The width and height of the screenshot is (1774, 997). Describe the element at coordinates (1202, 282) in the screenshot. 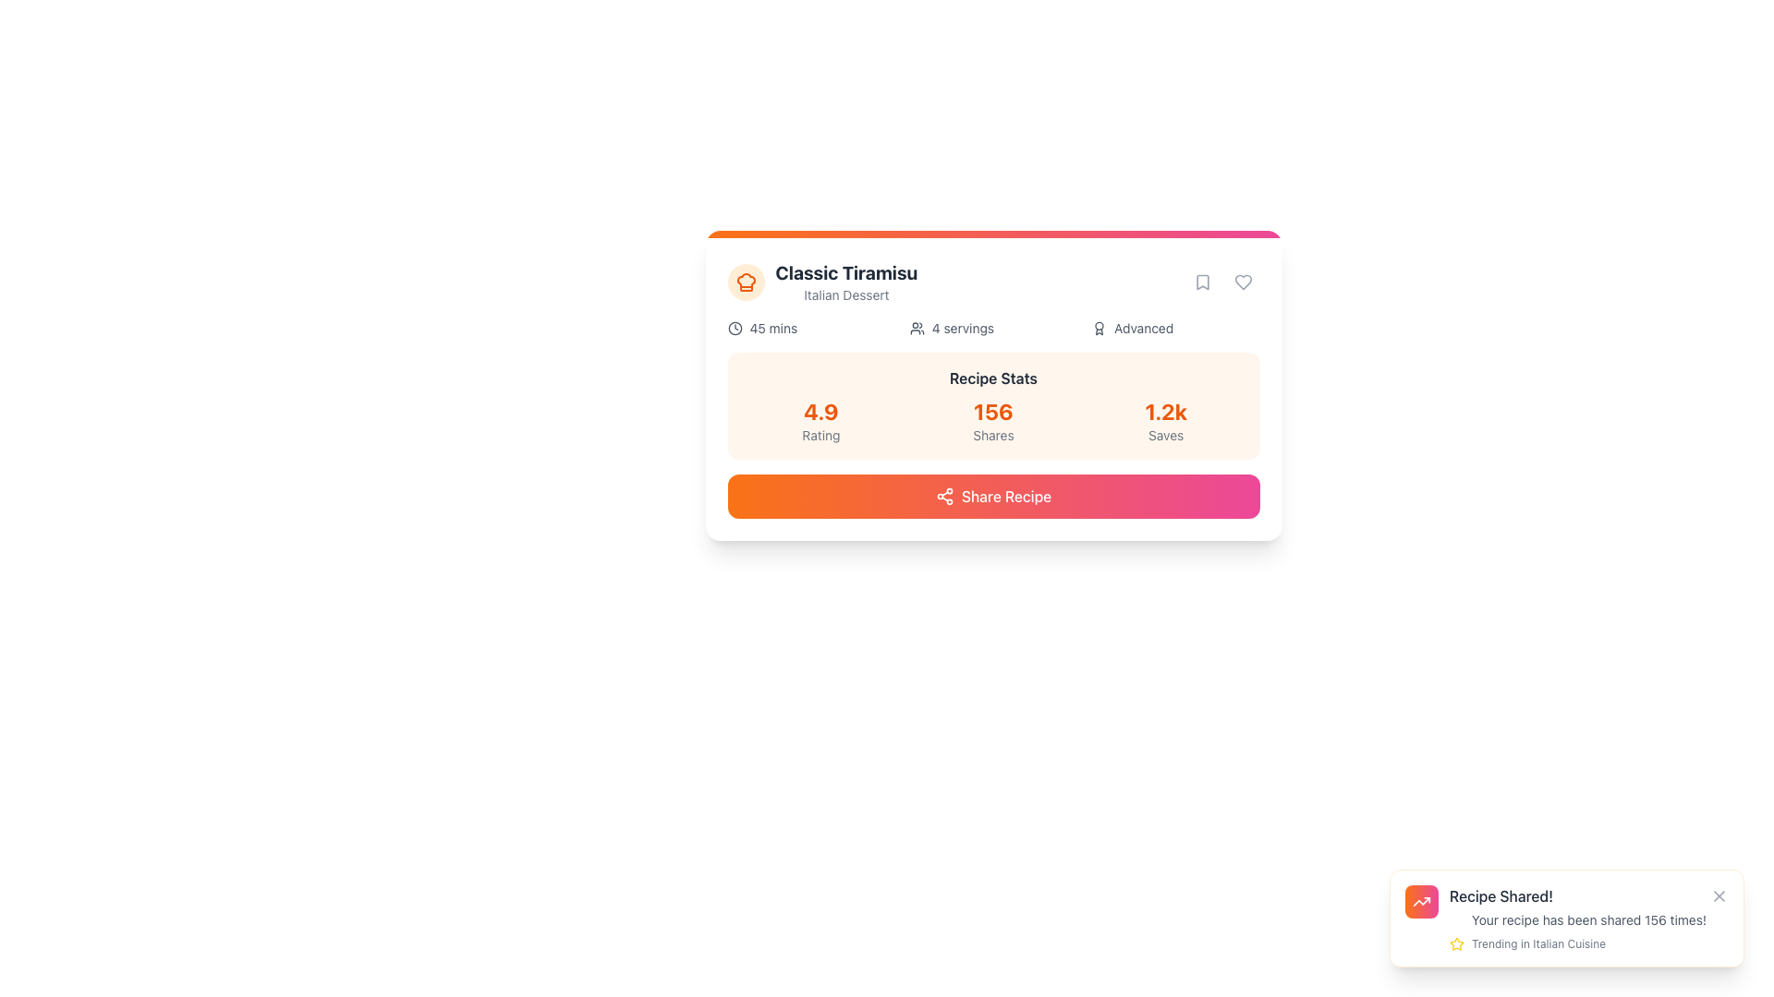

I see `the small circular button with a grey background and a bookmark icon` at that location.